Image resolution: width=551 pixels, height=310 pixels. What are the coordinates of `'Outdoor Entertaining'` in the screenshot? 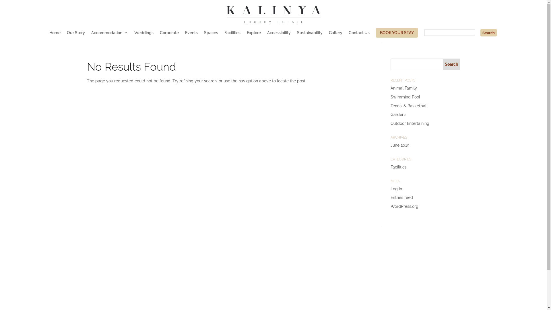 It's located at (410, 123).